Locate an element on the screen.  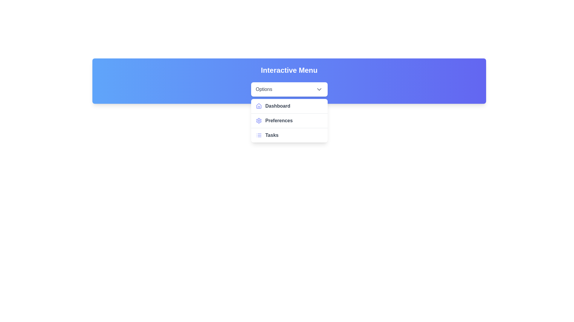
the 'Dashboard' text label in the dropdown menu under 'Options', which is the first entry in the list is located at coordinates (277, 106).